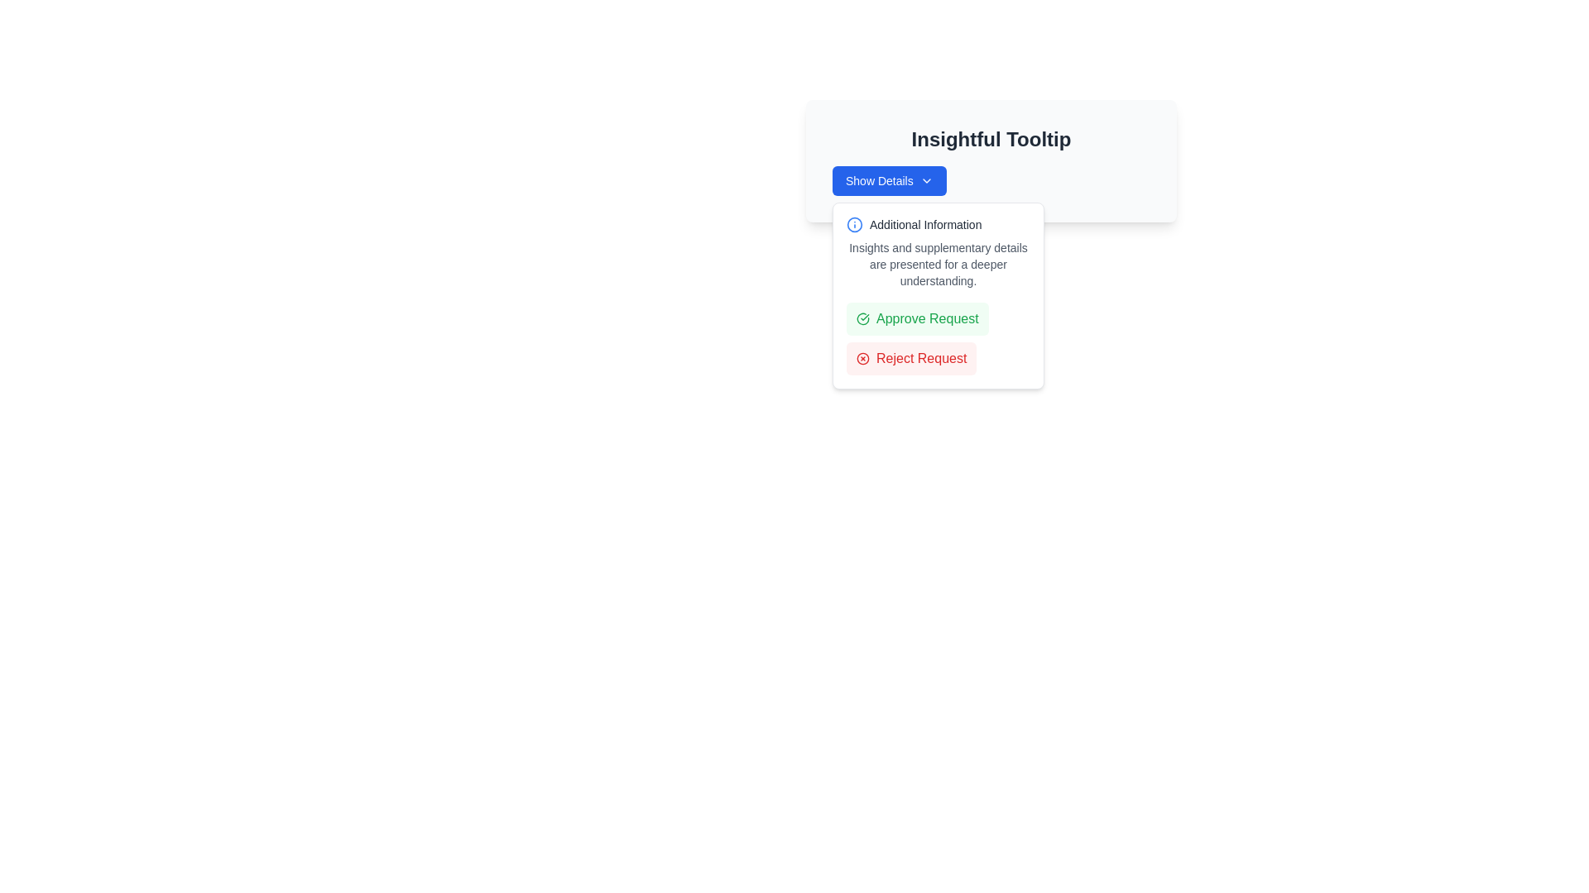 This screenshot has height=893, width=1589. I want to click on the Text Label that serves as a title for the section providing supplementary insights, located below the 'Show Details' button and to the right of the blue information icon, so click(924, 225).